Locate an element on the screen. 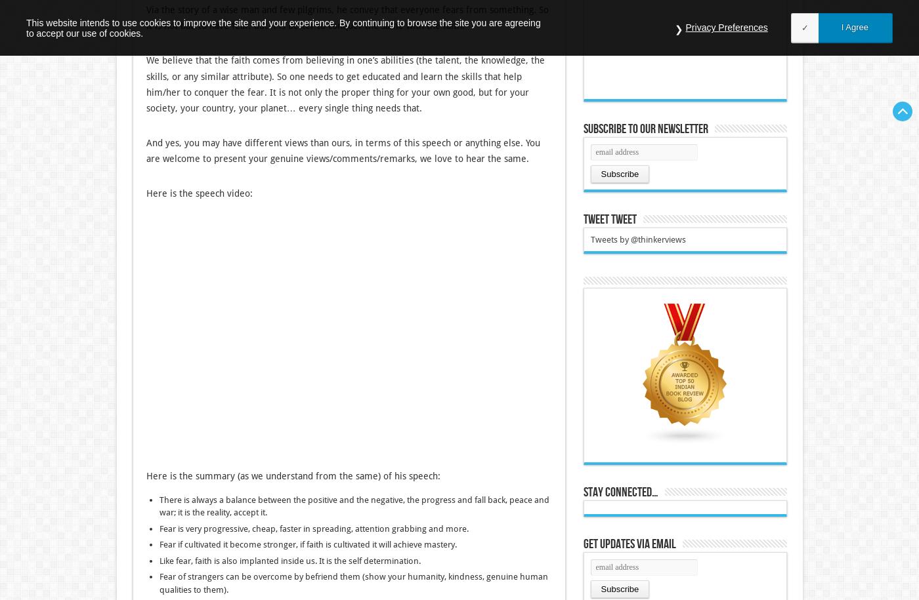 This screenshot has height=600, width=919. 'Here is the summary (as we understand from the same) of his speech:' is located at coordinates (293, 475).